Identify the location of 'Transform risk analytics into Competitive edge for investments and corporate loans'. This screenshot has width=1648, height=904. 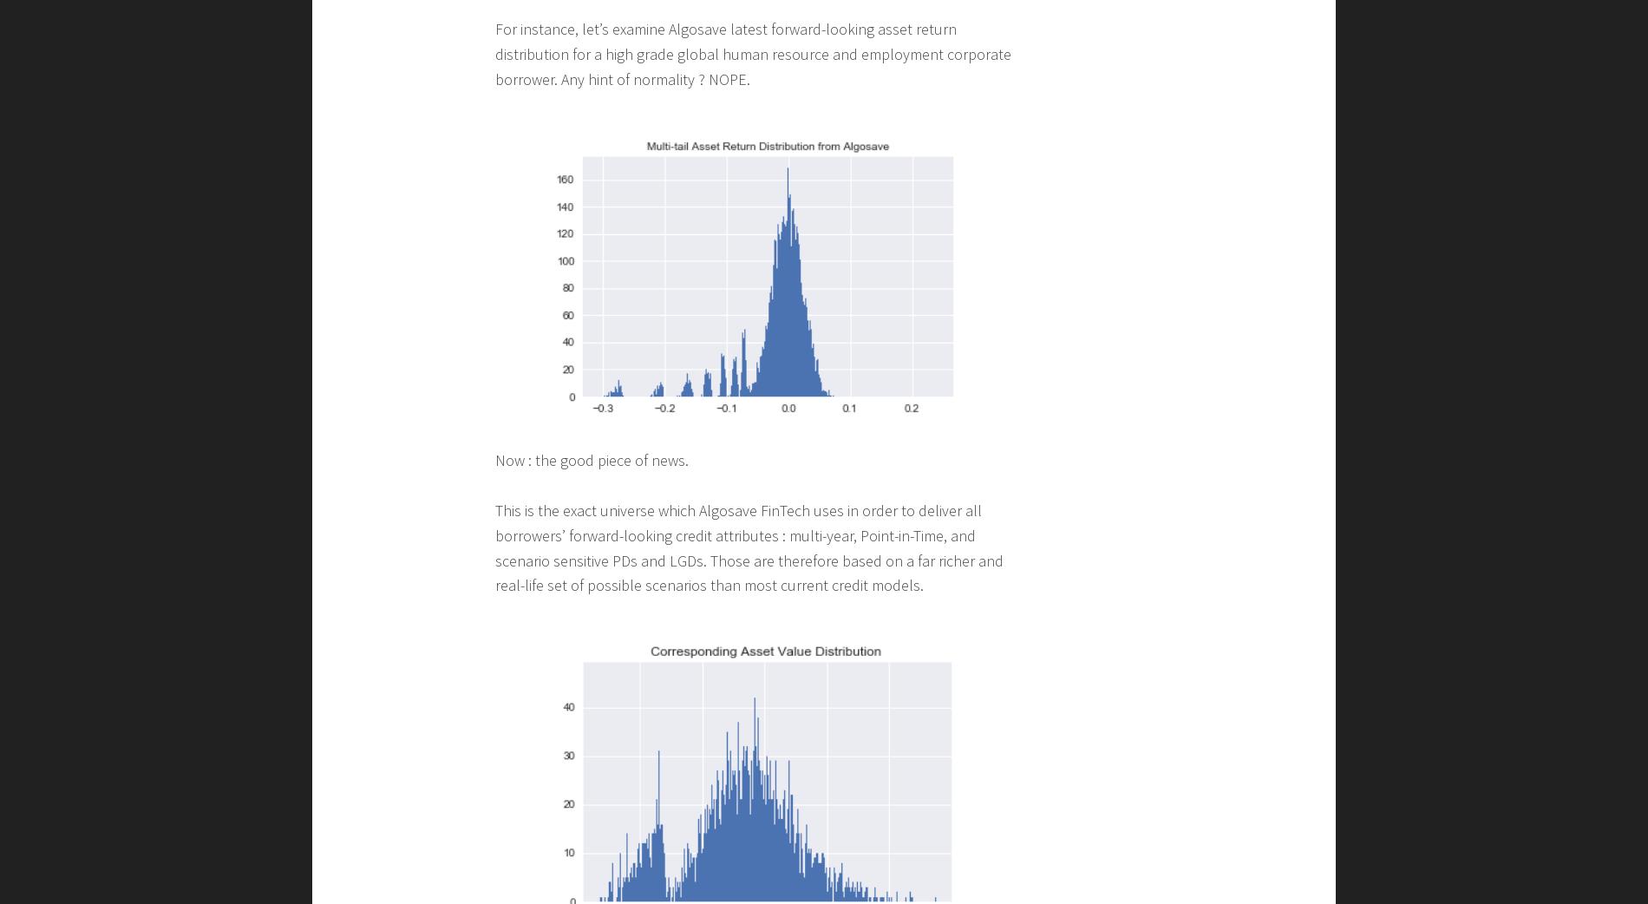
(743, 246).